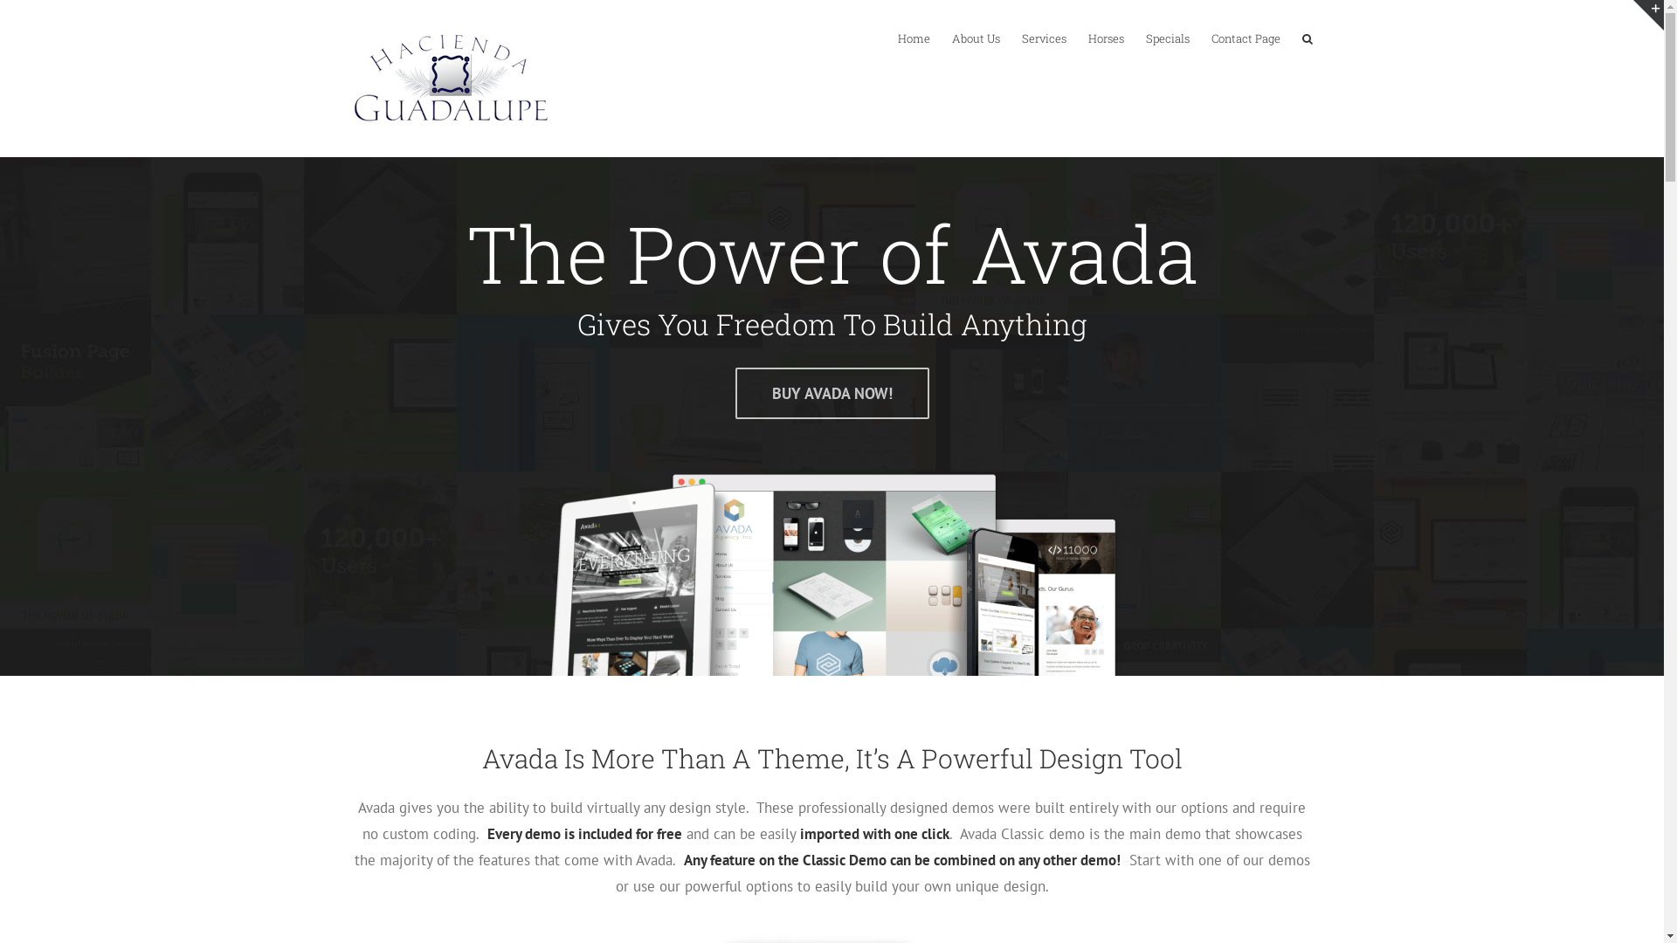 The image size is (1677, 943). Describe the element at coordinates (1022, 37) in the screenshot. I see `'Services'` at that location.